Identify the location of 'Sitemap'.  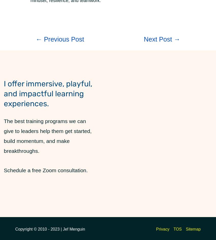
(193, 229).